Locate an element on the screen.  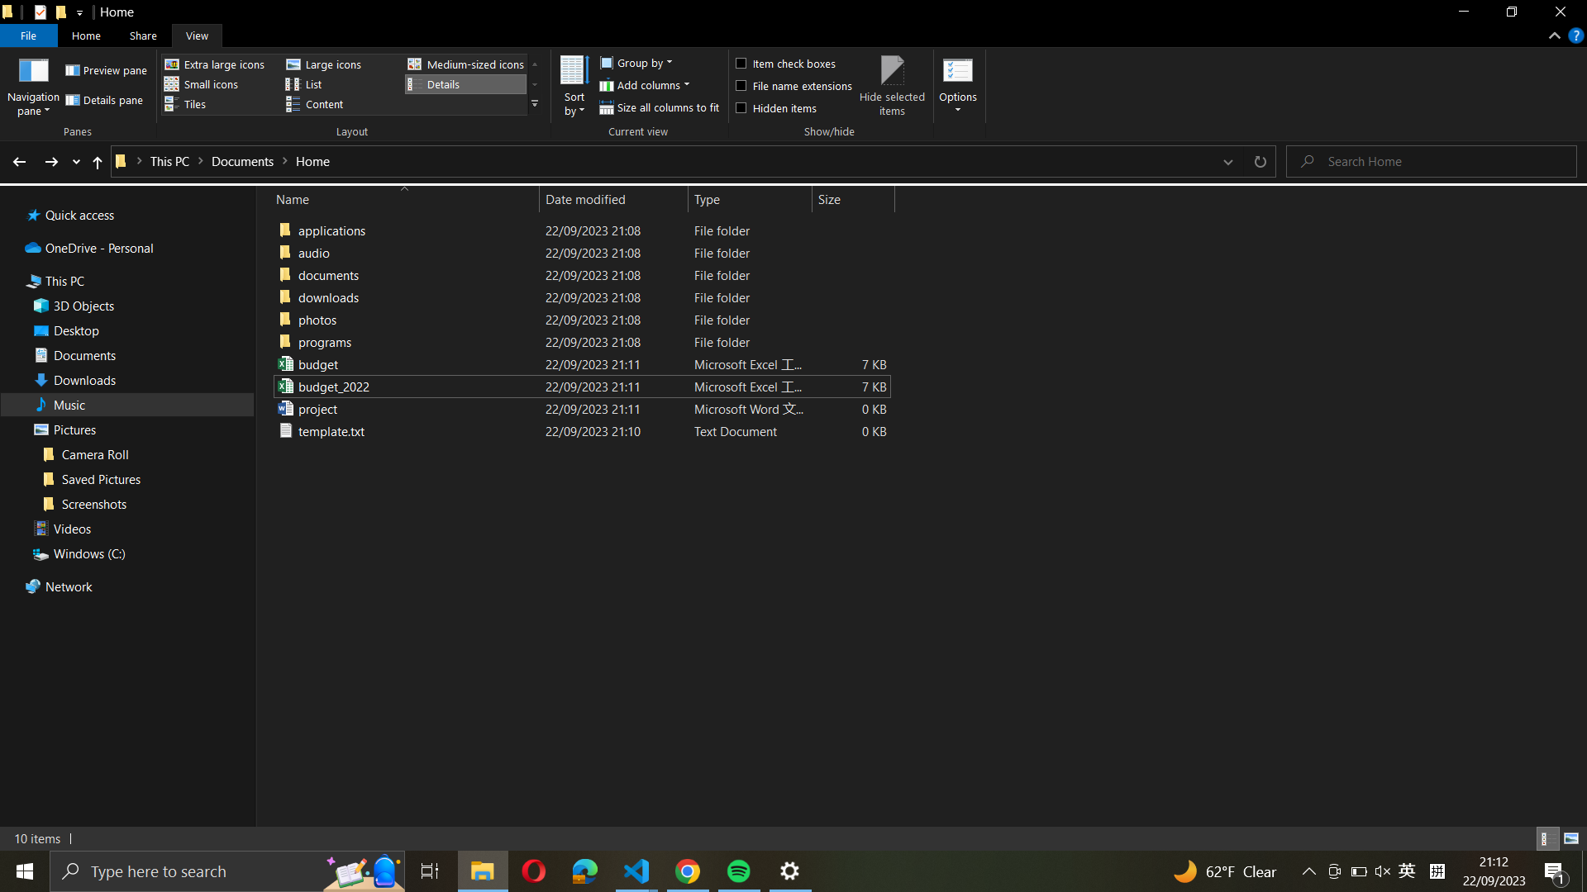
the "budget_excel_file" name to "budget_2021_excel_file is located at coordinates (579, 363).